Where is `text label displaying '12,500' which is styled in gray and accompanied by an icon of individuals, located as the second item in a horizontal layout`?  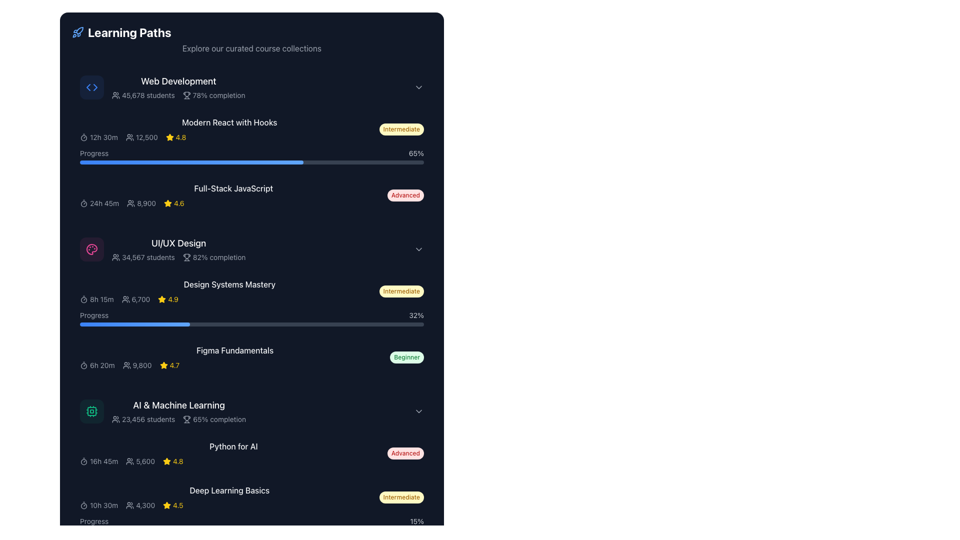 text label displaying '12,500' which is styled in gray and accompanied by an icon of individuals, located as the second item in a horizontal layout is located at coordinates (141, 137).